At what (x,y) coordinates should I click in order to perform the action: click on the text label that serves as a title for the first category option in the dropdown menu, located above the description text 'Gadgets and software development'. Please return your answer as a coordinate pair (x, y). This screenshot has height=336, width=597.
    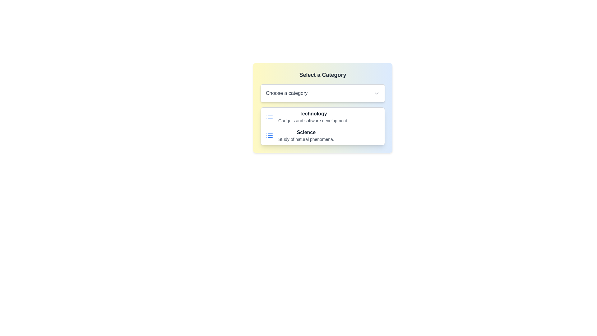
    Looking at the image, I should click on (313, 114).